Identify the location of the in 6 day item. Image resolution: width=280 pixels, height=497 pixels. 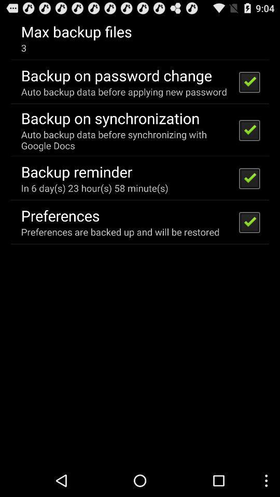
(94, 187).